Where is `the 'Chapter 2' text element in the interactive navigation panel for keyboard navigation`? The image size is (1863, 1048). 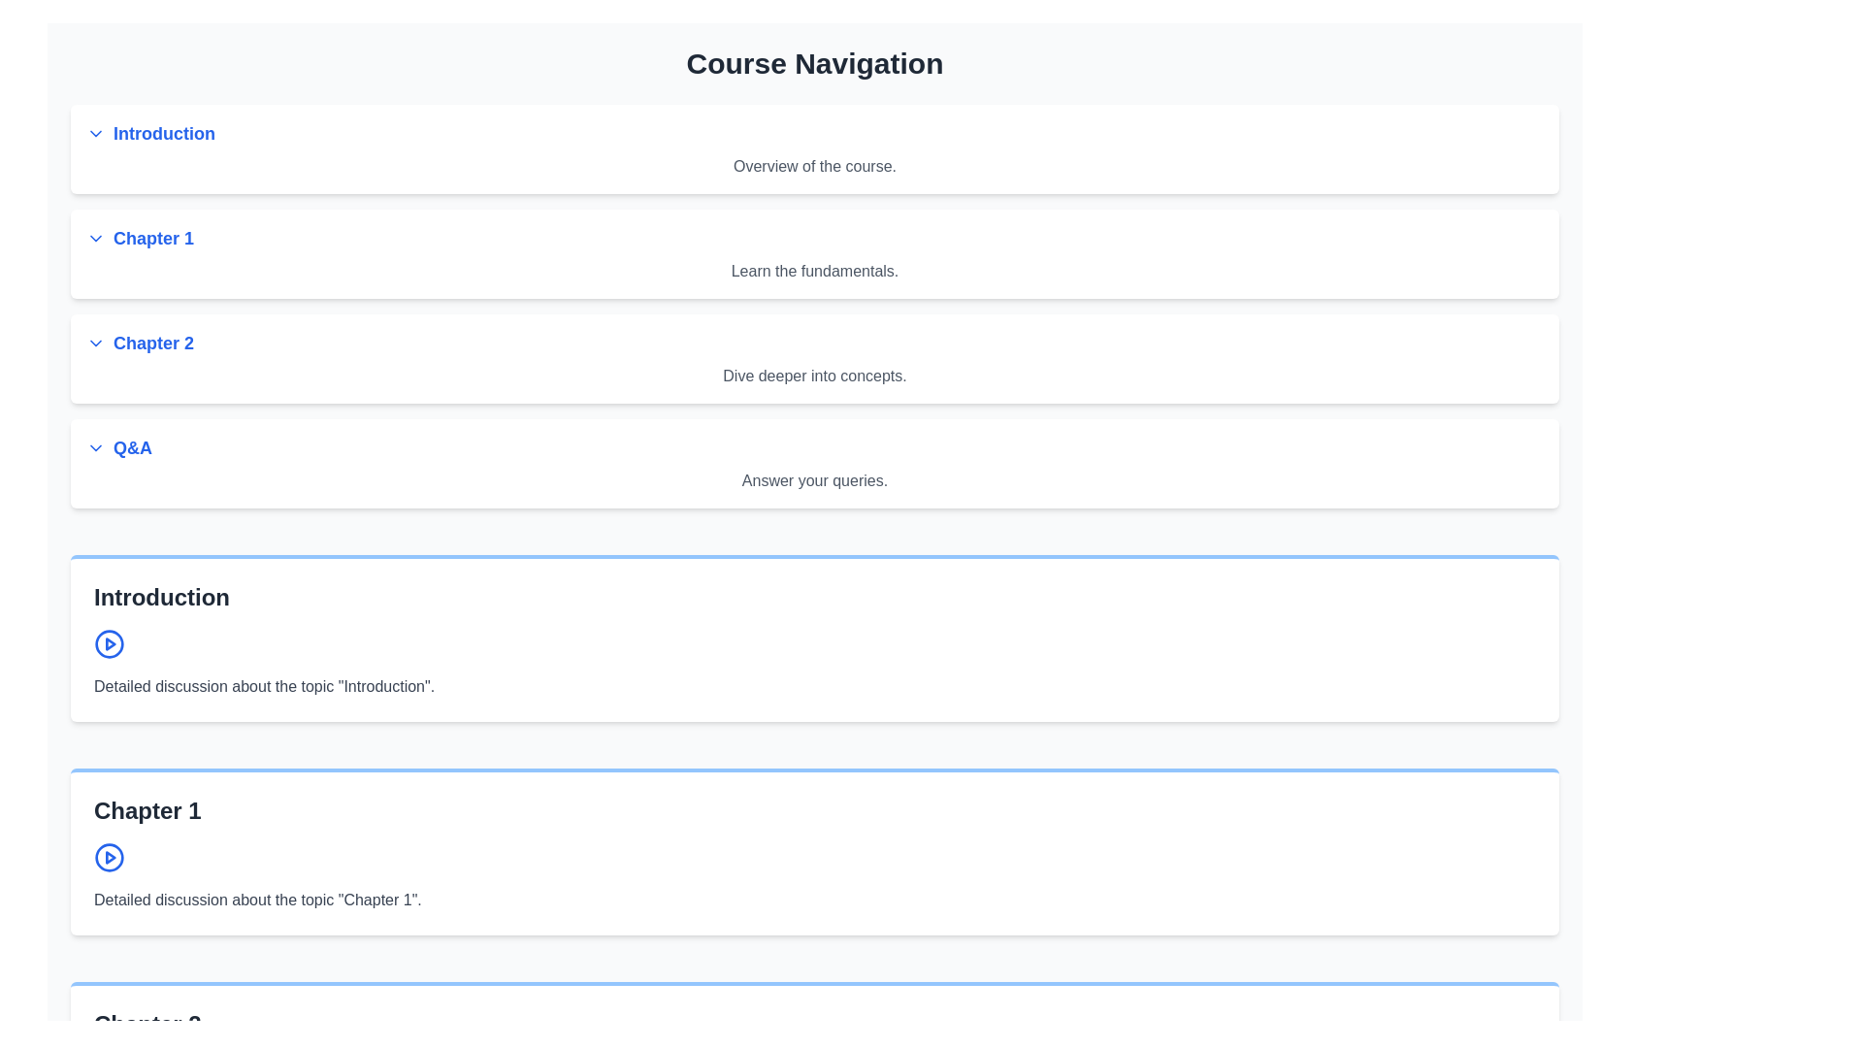 the 'Chapter 2' text element in the interactive navigation panel for keyboard navigation is located at coordinates (152, 343).